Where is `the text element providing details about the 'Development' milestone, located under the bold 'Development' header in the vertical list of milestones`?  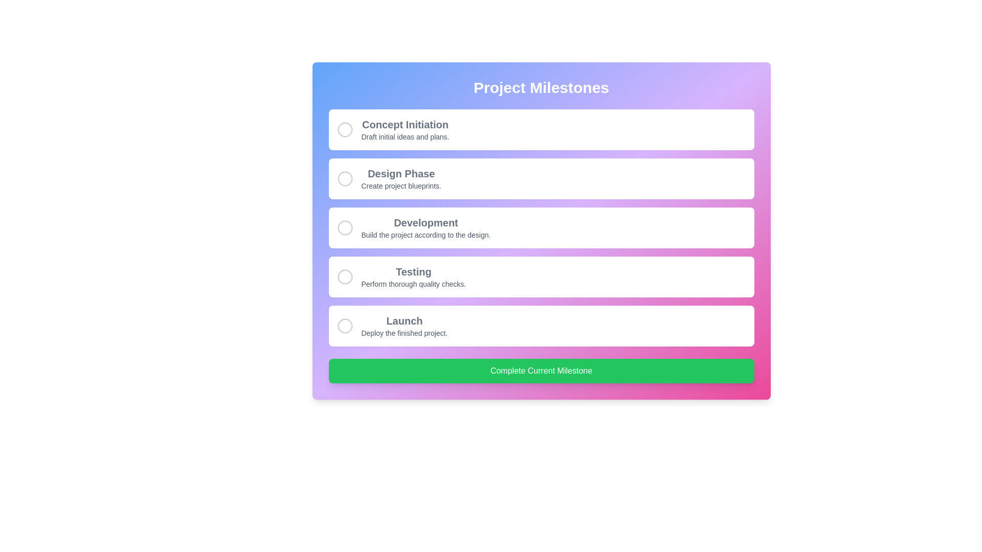 the text element providing details about the 'Development' milestone, located under the bold 'Development' header in the vertical list of milestones is located at coordinates (426, 235).